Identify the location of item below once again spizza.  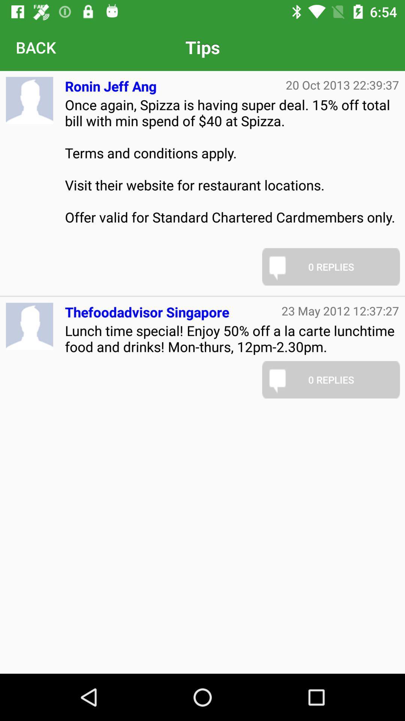
(147, 309).